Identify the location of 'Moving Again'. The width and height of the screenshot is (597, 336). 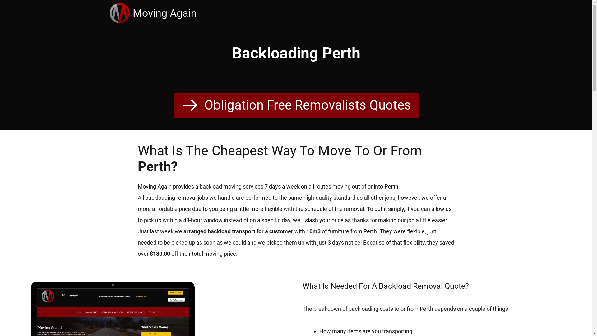
(164, 13).